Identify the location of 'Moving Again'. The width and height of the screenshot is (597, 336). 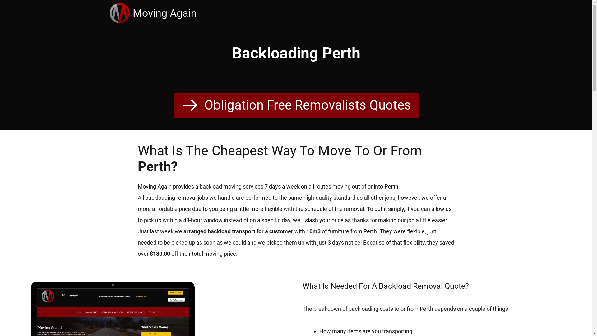
(164, 13).